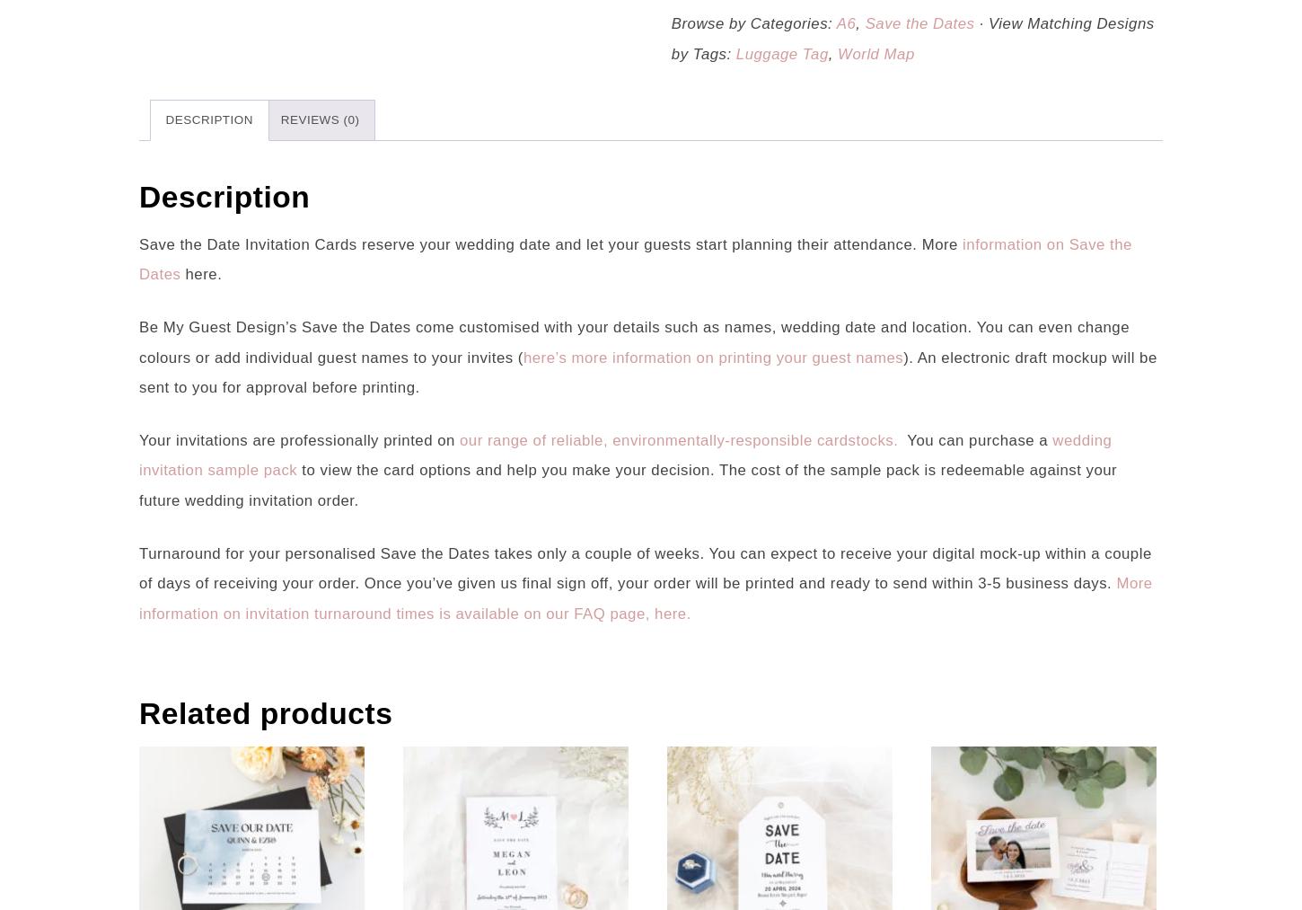 The height and width of the screenshot is (910, 1302). I want to click on 'to view the card options and help you make your decision. The cost of the sample pack is redeemable against your future wedding invitation order.', so click(627, 485).